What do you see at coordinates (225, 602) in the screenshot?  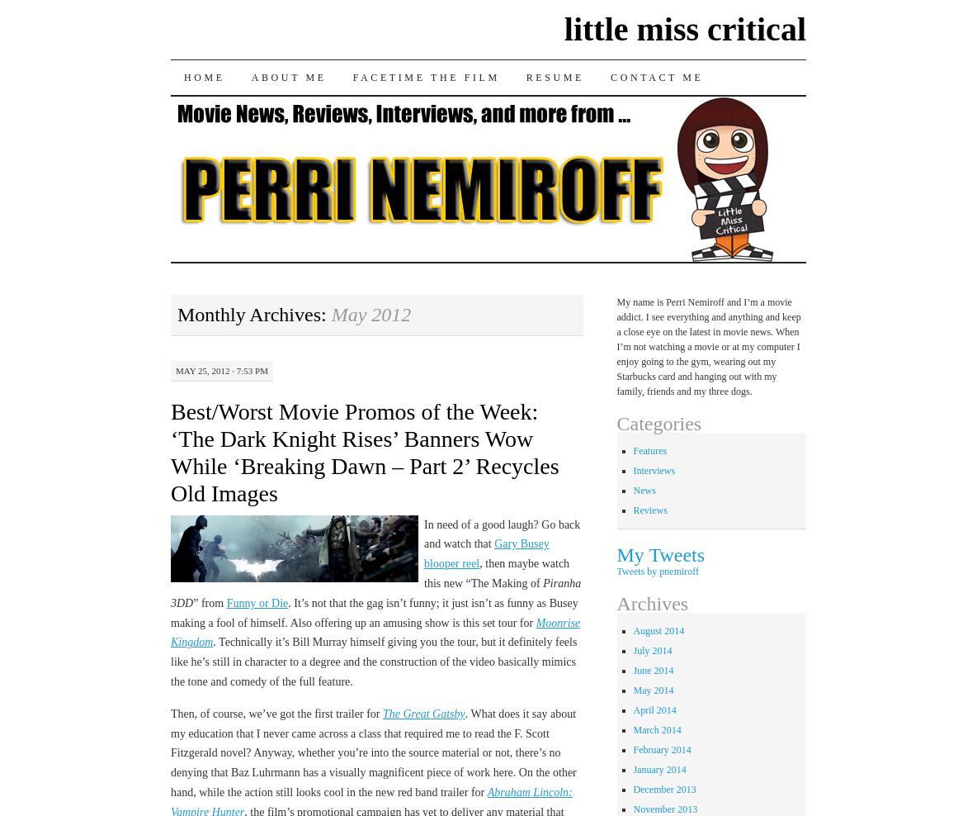 I see `'Funny or Die'` at bounding box center [225, 602].